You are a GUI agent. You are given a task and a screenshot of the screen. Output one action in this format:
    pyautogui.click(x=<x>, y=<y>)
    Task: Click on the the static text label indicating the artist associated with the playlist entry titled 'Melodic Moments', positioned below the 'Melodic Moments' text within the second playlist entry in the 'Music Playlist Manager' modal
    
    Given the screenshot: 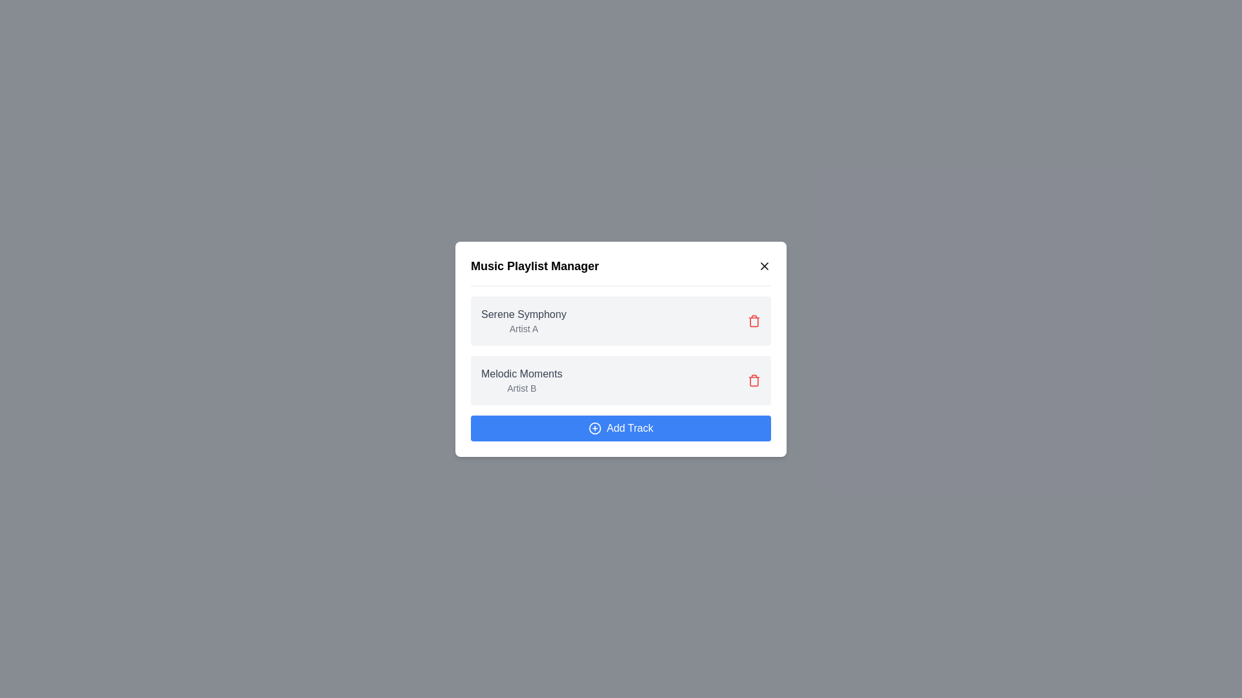 What is the action you would take?
    pyautogui.click(x=521, y=387)
    